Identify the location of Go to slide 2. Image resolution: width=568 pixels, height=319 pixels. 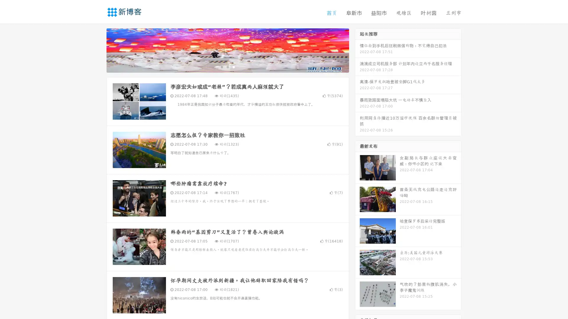
(227, 66).